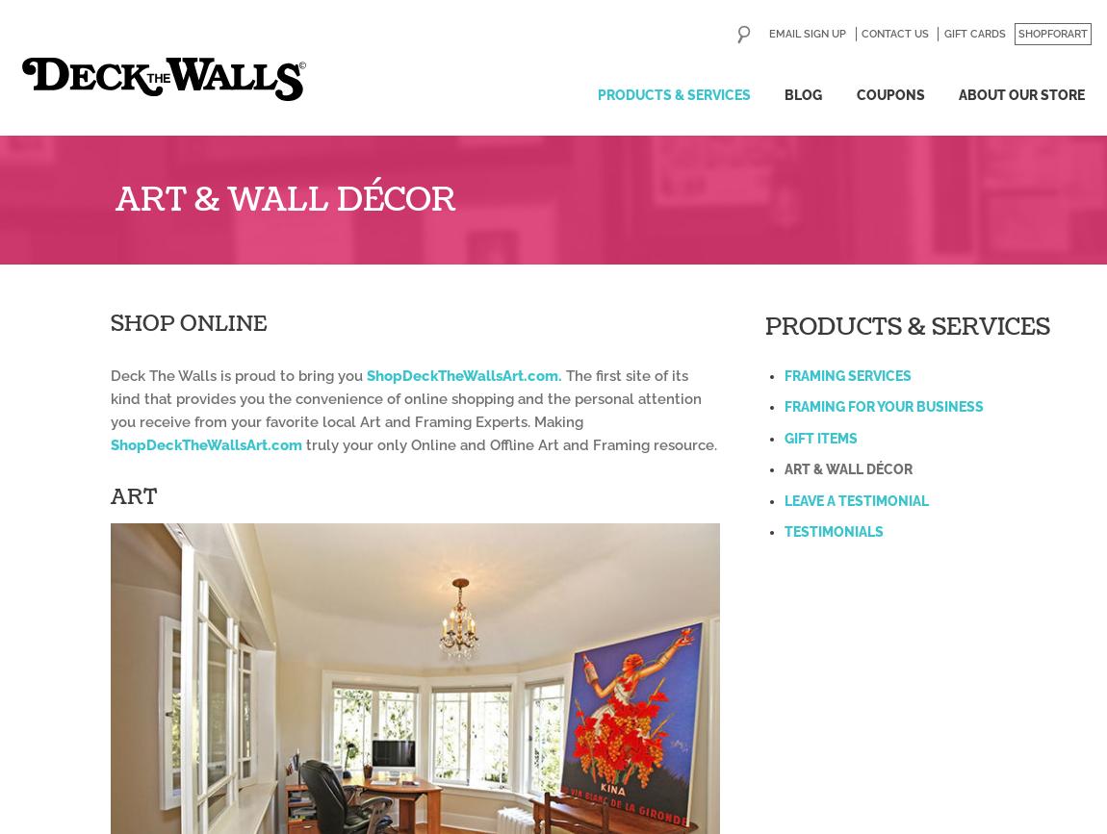 This screenshot has height=834, width=1107. What do you see at coordinates (509, 443) in the screenshot?
I see `'truly your only Online and Offline Art and Framing resource.'` at bounding box center [509, 443].